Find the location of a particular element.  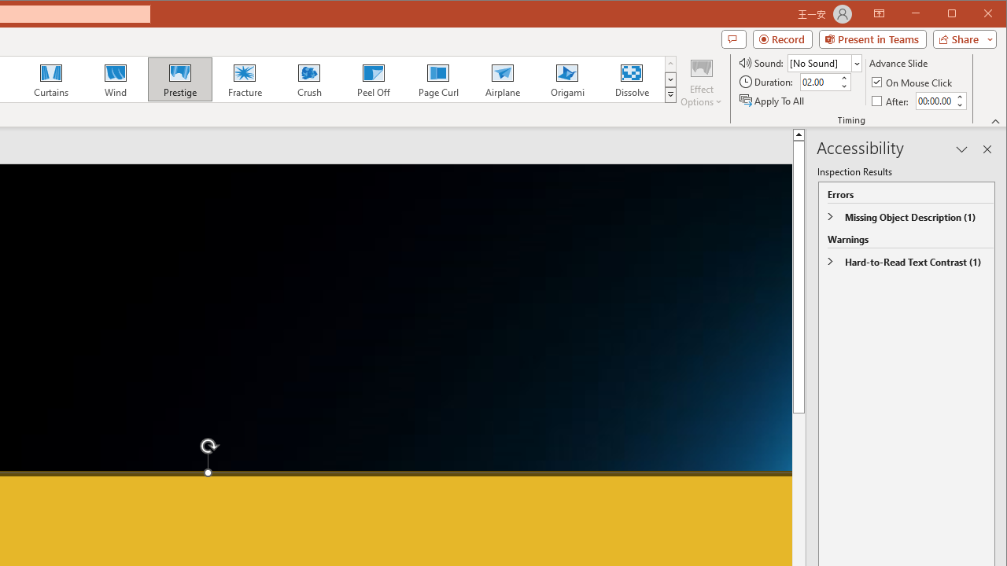

'Duration' is located at coordinates (818, 82).